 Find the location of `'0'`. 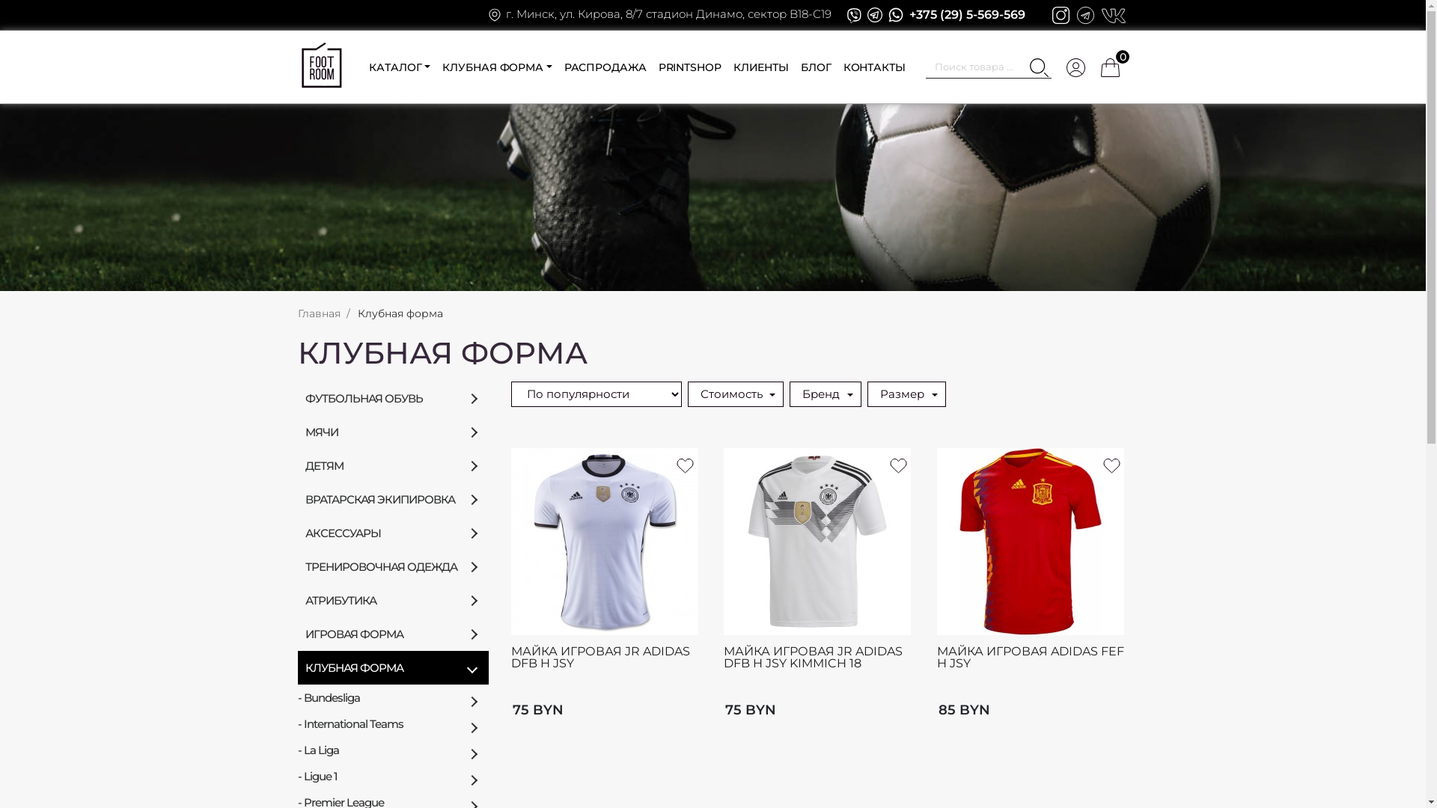

'0' is located at coordinates (1110, 66).